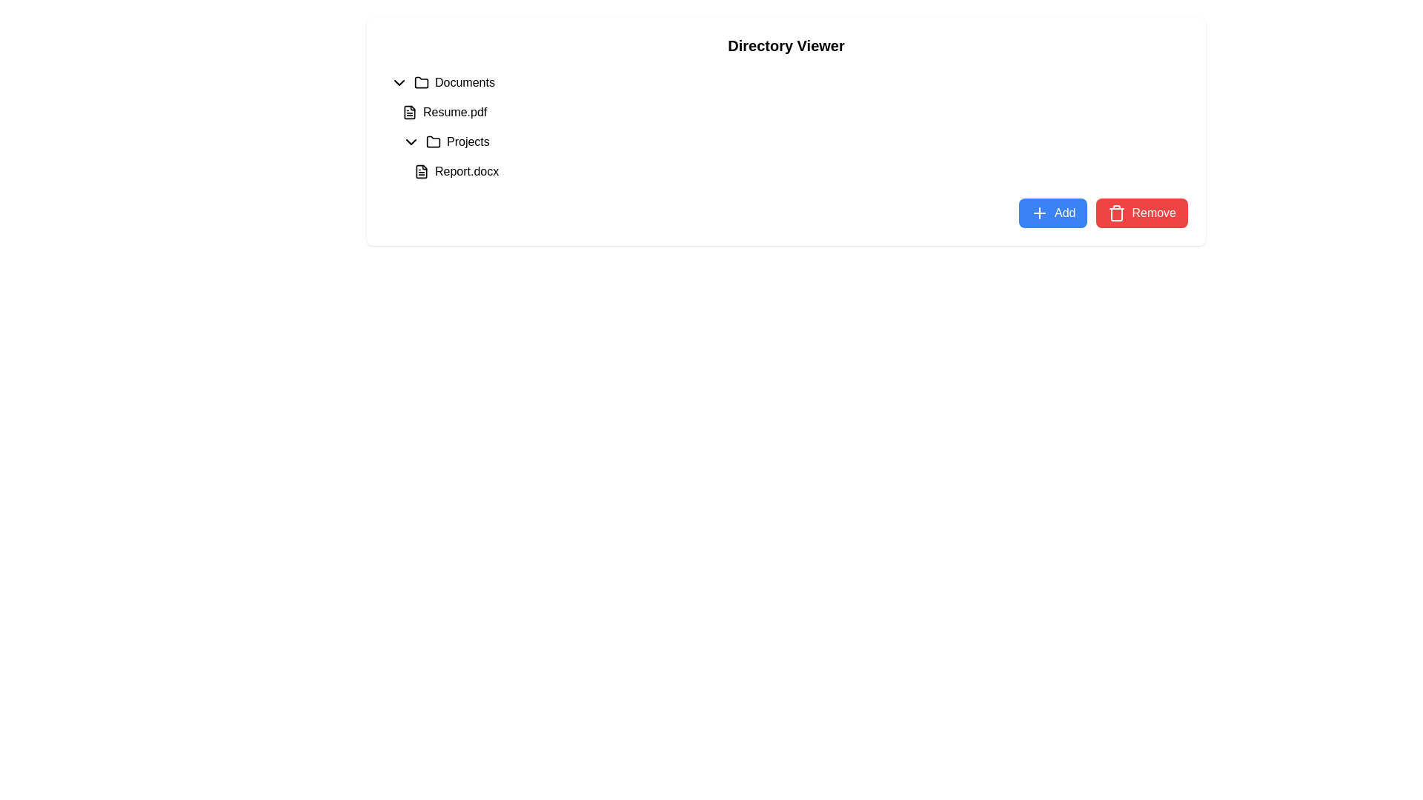 The image size is (1423, 800). I want to click on the red 'Remove' button with rounded corners and a trash bin icon, located in the bottom-right area of the main section, so click(1141, 213).